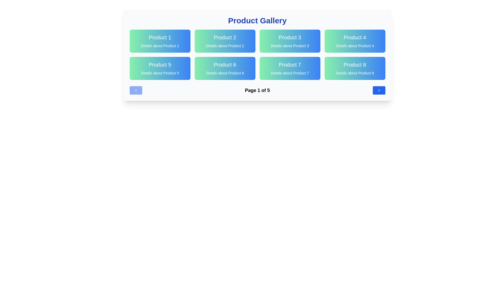  Describe the element at coordinates (225, 64) in the screenshot. I see `the Text Label that identifies a product in the grid layout located in the second row and third column` at that location.